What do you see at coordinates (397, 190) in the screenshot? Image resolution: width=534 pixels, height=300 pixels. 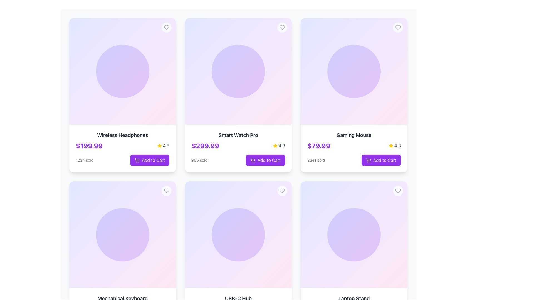 I see `the heart-shaped icon located at the top-right corner of the 'Gaming Mouse' product card` at bounding box center [397, 190].